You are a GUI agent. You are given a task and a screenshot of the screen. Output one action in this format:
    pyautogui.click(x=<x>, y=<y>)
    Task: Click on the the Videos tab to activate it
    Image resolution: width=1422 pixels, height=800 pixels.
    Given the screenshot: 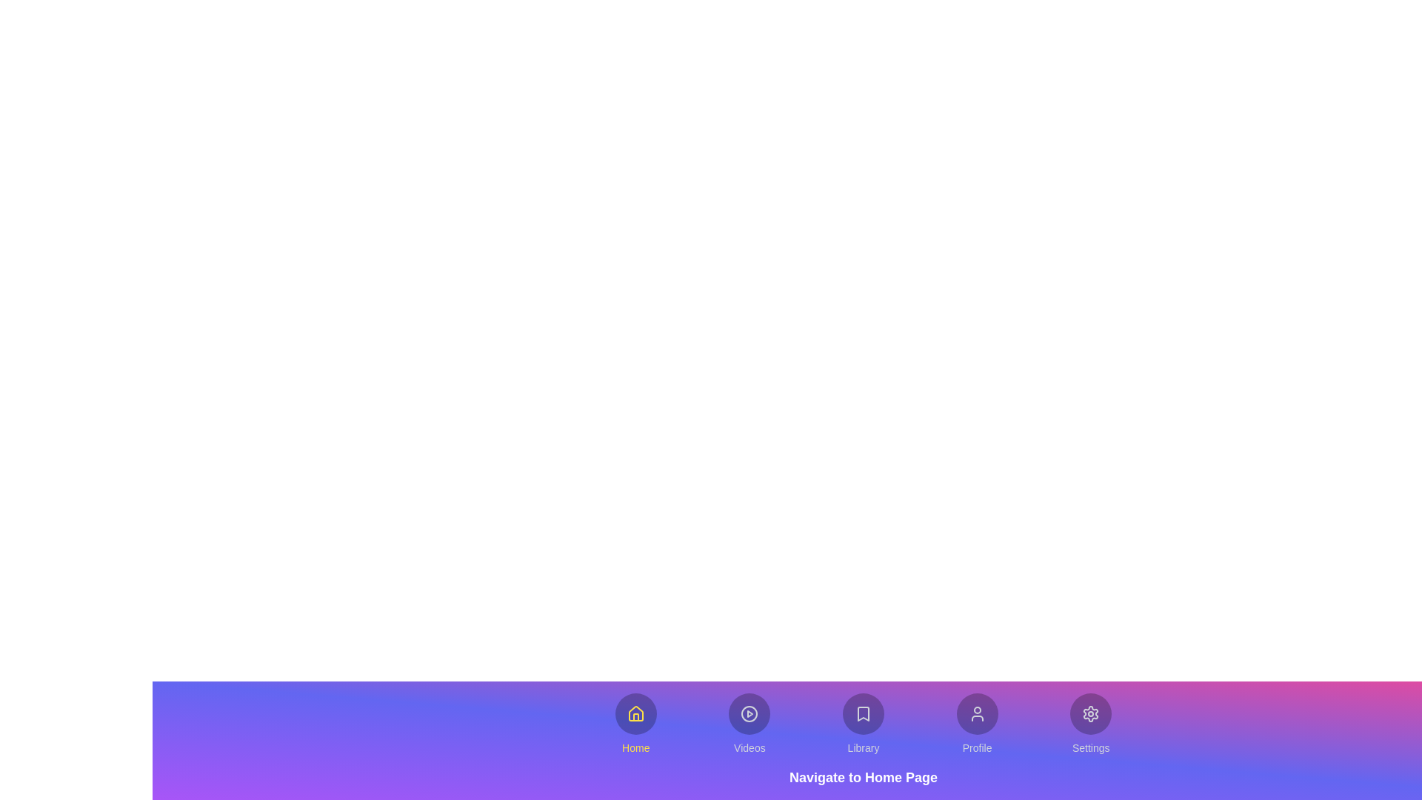 What is the action you would take?
    pyautogui.click(x=750, y=724)
    